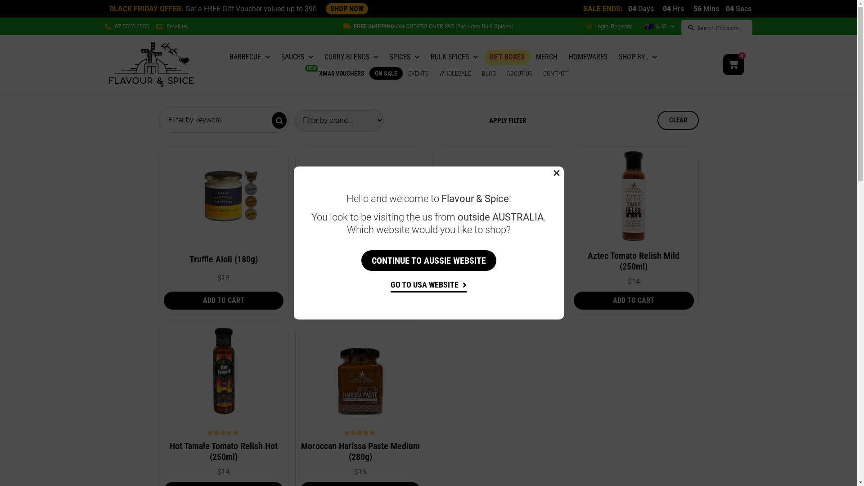 This screenshot has width=864, height=486. What do you see at coordinates (733, 64) in the screenshot?
I see `'0'` at bounding box center [733, 64].